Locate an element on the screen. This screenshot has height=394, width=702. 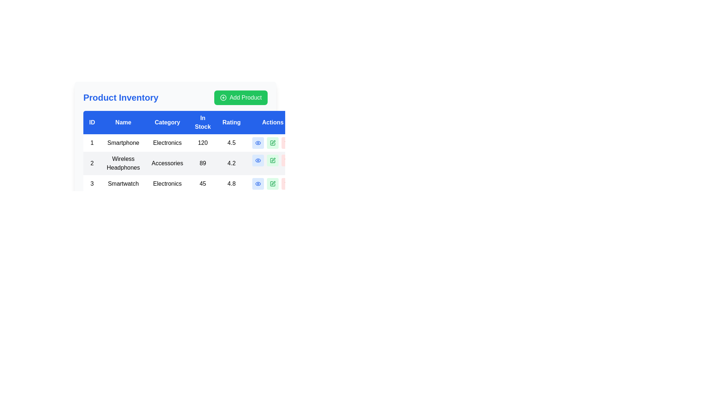
the 'Electronics' text label in the product inventory table, which is centrally aligned in the third column under the 'Category' header is located at coordinates (167, 143).